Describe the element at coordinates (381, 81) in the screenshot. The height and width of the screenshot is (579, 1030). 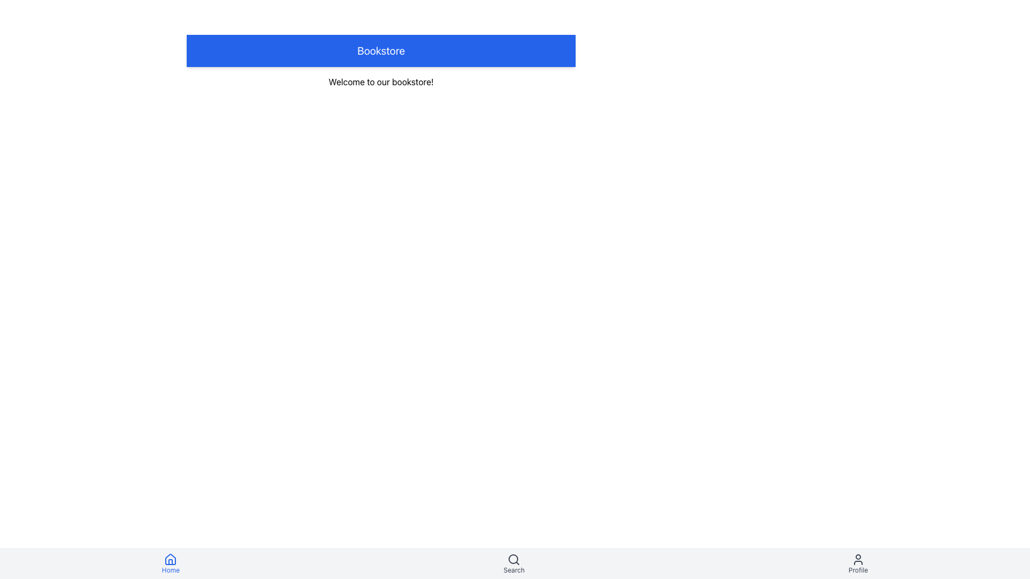
I see `the welcoming message text display located below the blue 'Bookstore' header in the bookstore application` at that location.